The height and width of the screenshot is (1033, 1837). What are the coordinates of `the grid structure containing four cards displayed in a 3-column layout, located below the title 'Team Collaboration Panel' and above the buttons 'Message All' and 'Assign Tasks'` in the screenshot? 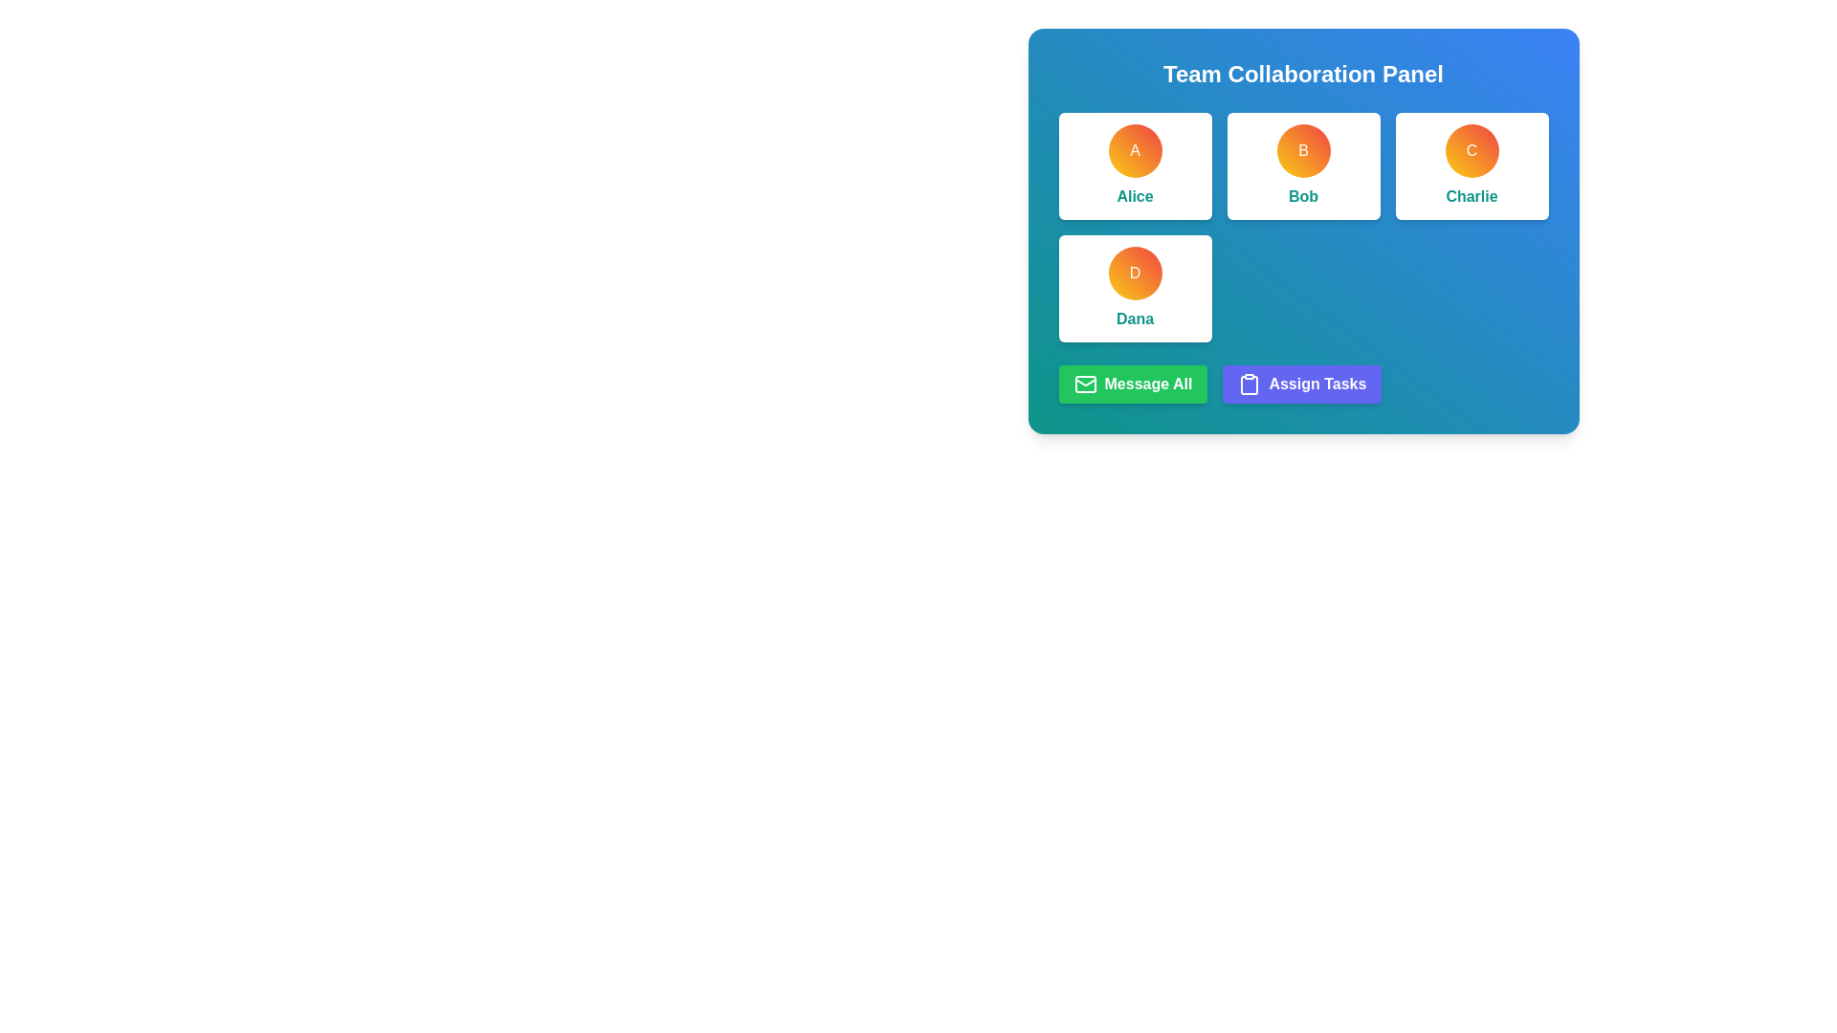 It's located at (1302, 227).